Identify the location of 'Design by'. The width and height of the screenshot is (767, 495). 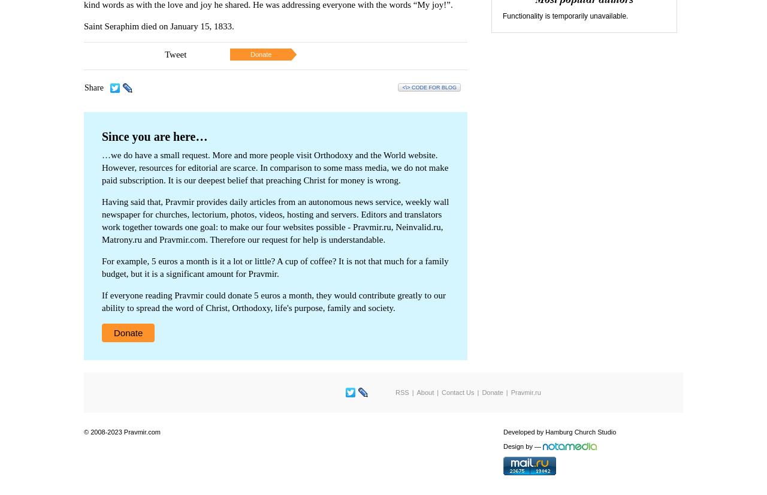
(518, 445).